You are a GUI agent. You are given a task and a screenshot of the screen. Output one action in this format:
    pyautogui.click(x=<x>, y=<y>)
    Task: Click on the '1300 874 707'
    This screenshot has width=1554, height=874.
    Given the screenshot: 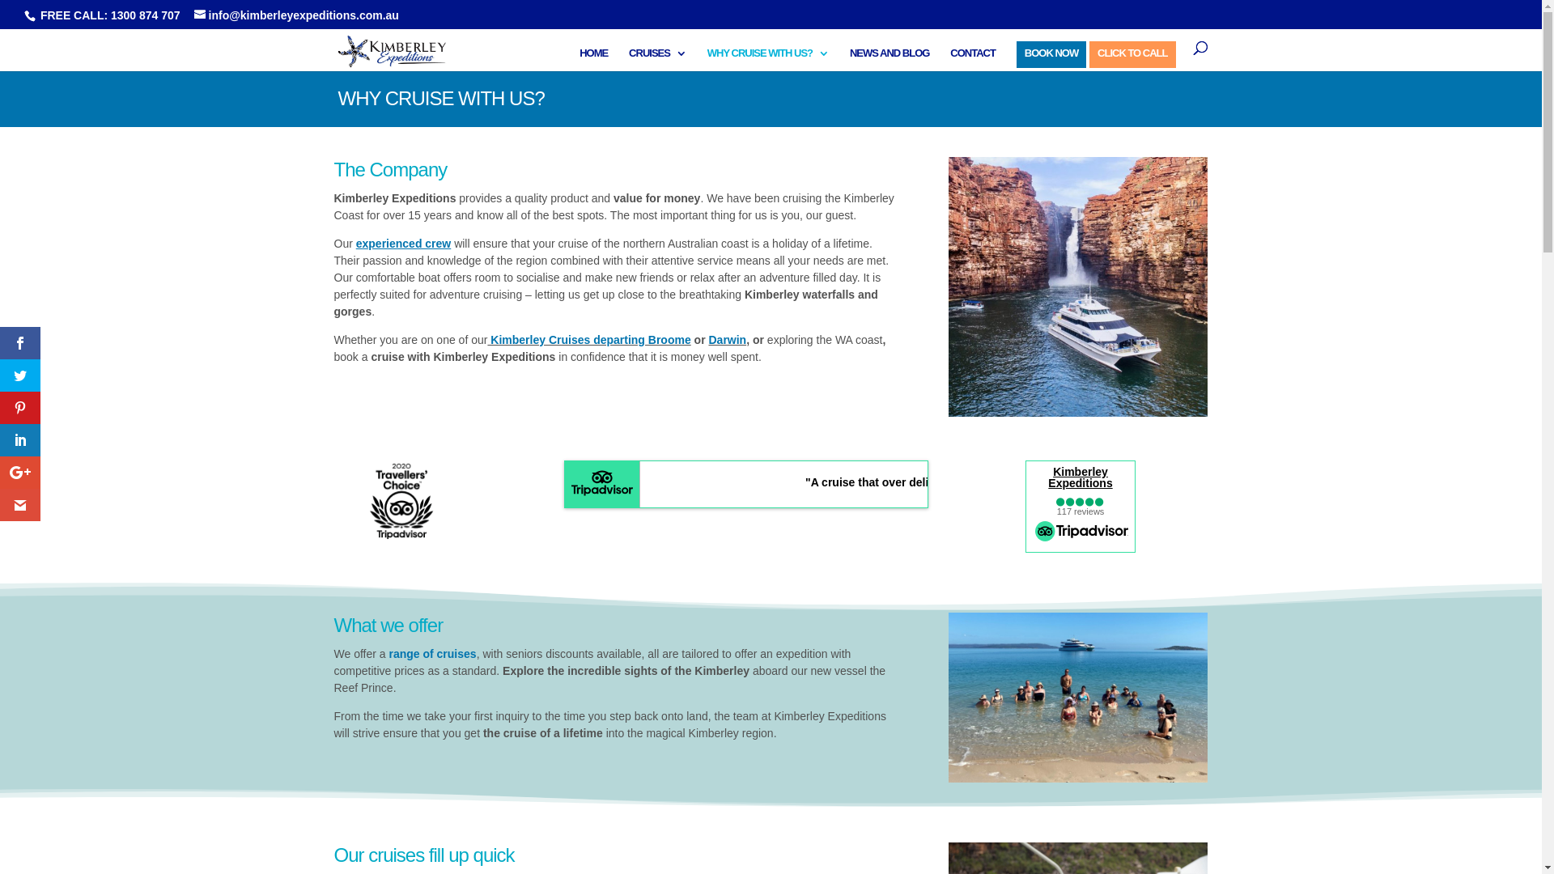 What is the action you would take?
    pyautogui.click(x=146, y=15)
    